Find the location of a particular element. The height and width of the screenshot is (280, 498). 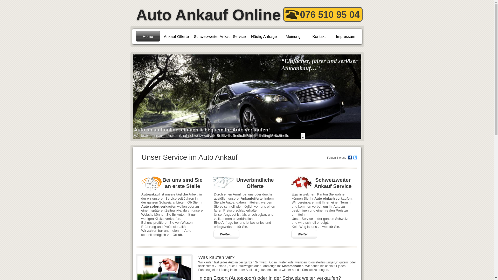

'Meinung' is located at coordinates (293, 36).